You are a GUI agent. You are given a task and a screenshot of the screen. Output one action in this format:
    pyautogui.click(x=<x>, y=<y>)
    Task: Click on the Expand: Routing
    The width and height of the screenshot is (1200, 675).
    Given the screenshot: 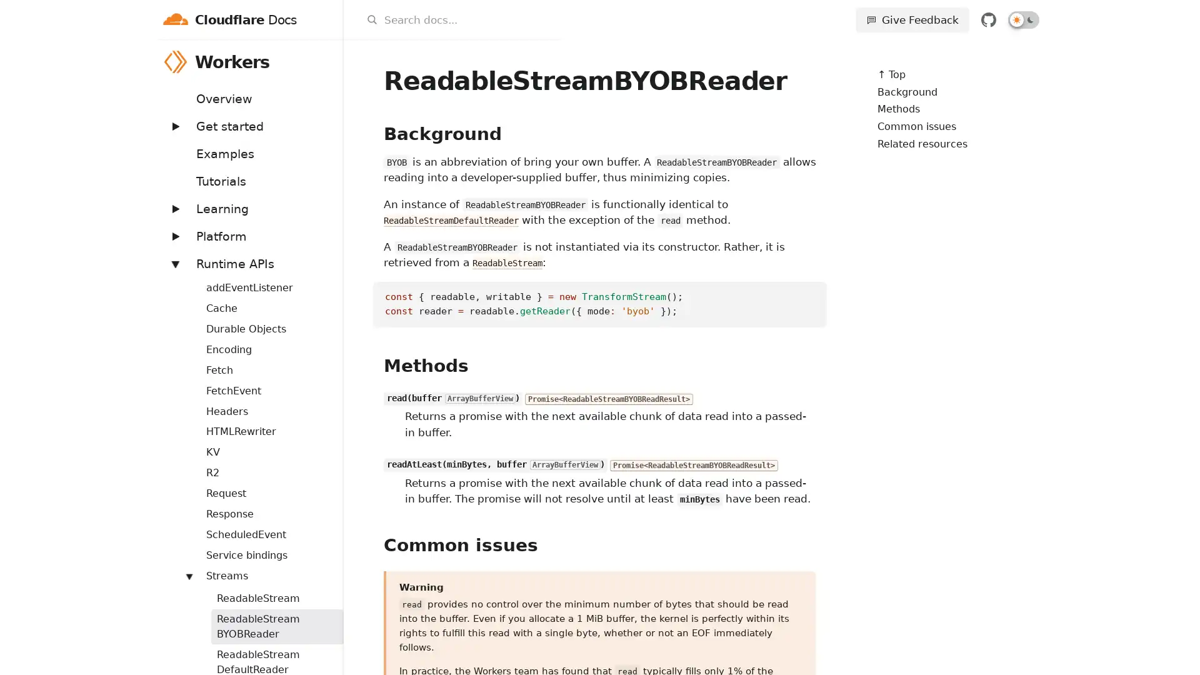 What is the action you would take?
    pyautogui.click(x=182, y=527)
    